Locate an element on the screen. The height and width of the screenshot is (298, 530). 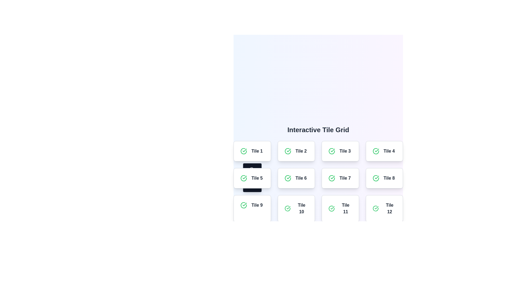
the visual indicator icon that represents a 'checked' or 'selected' state for 'Tile 8', located in the second row and fourth column of the grid is located at coordinates (375, 178).